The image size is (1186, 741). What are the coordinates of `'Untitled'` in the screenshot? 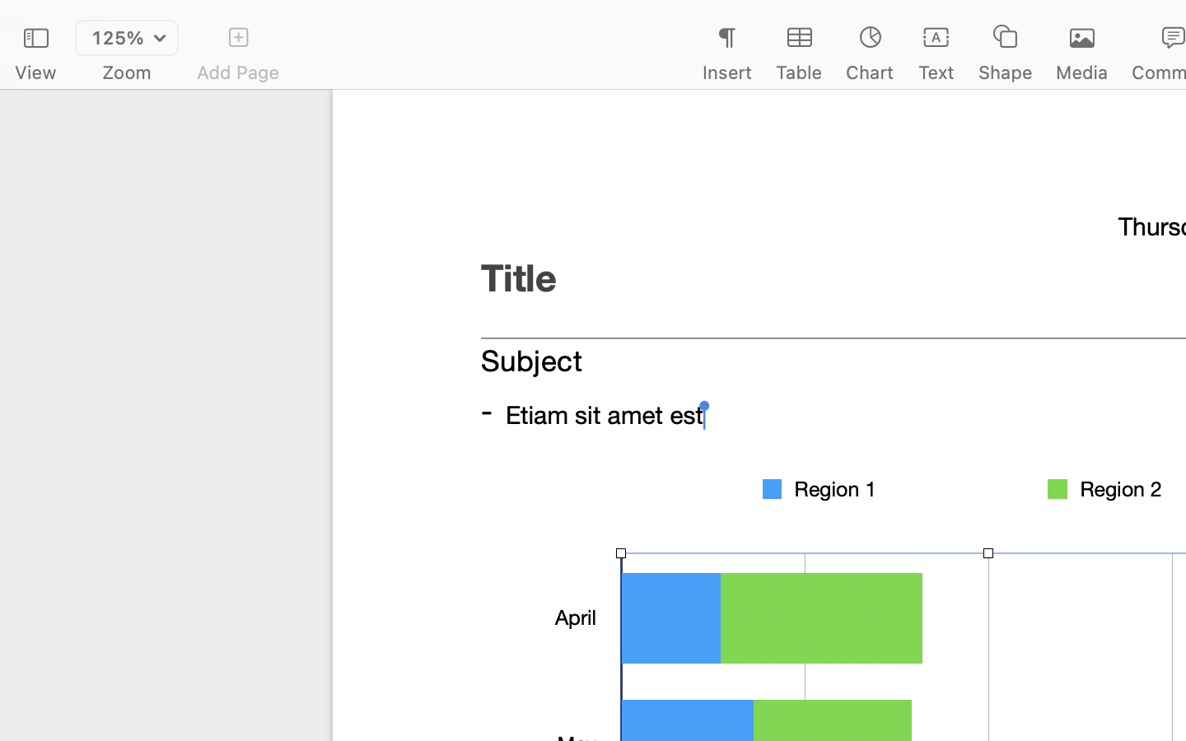 It's located at (1139, 21).